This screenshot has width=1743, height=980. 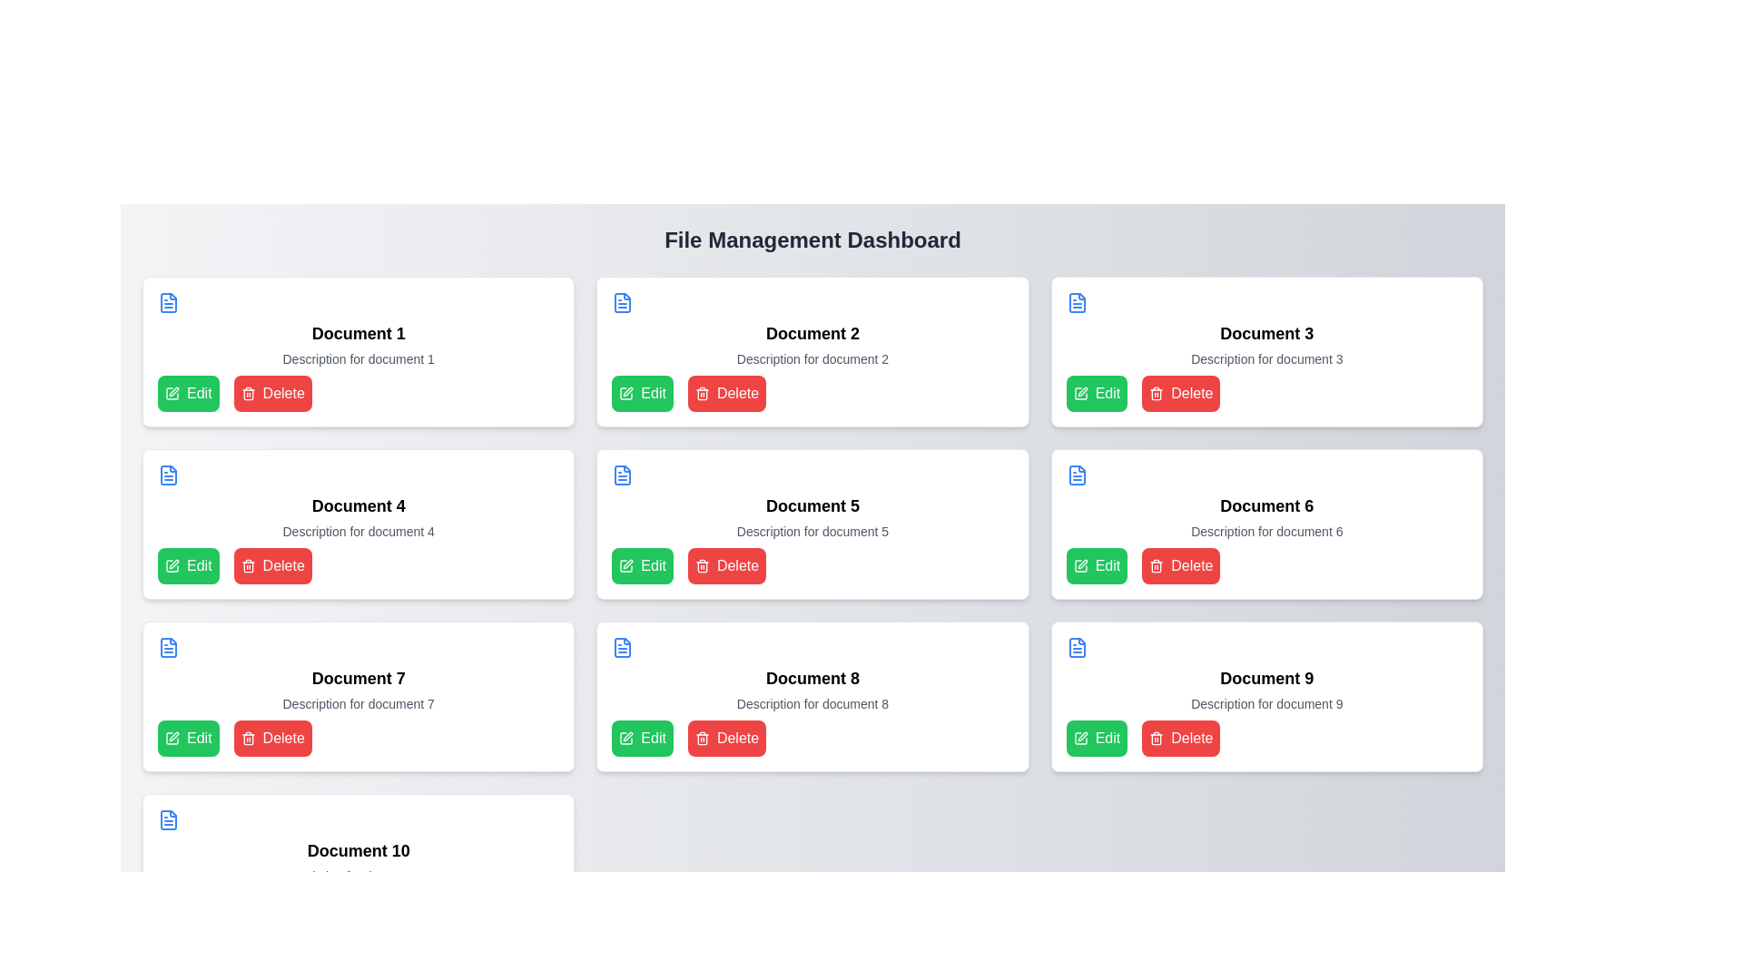 What do you see at coordinates (359, 531) in the screenshot?
I see `the Text Label that provides a description for 'Document 4', which is located in the second row and second column of the grid layout, positioned below the 'Document 4' heading` at bounding box center [359, 531].